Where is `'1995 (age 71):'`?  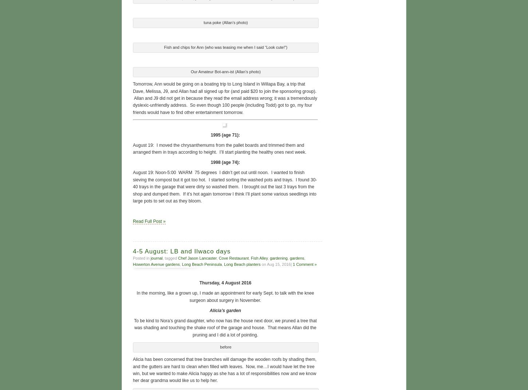
'1995 (age 71):' is located at coordinates (225, 133).